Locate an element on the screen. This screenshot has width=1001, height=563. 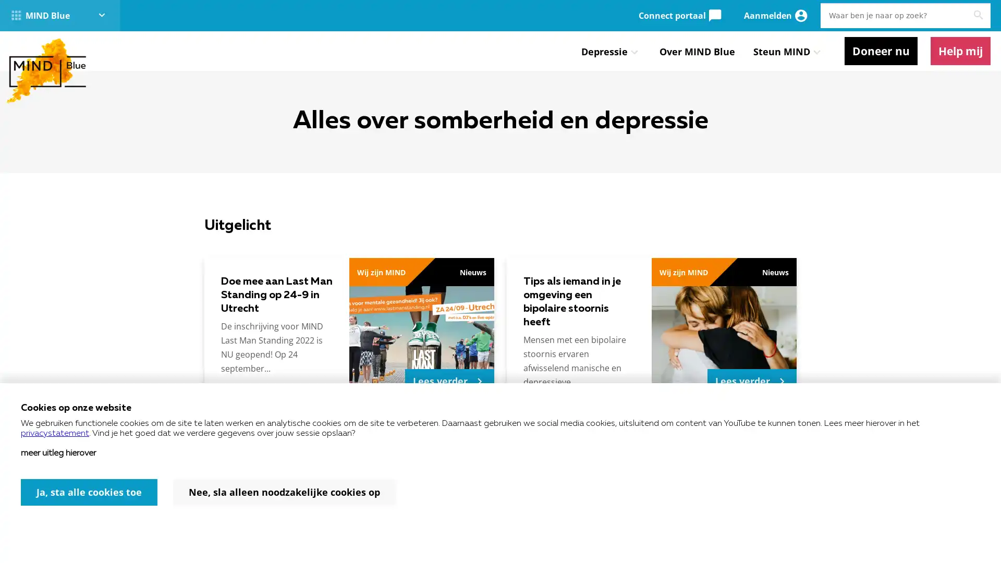
Nee, sla alleen noodzakelijke cookies op is located at coordinates (284, 492).